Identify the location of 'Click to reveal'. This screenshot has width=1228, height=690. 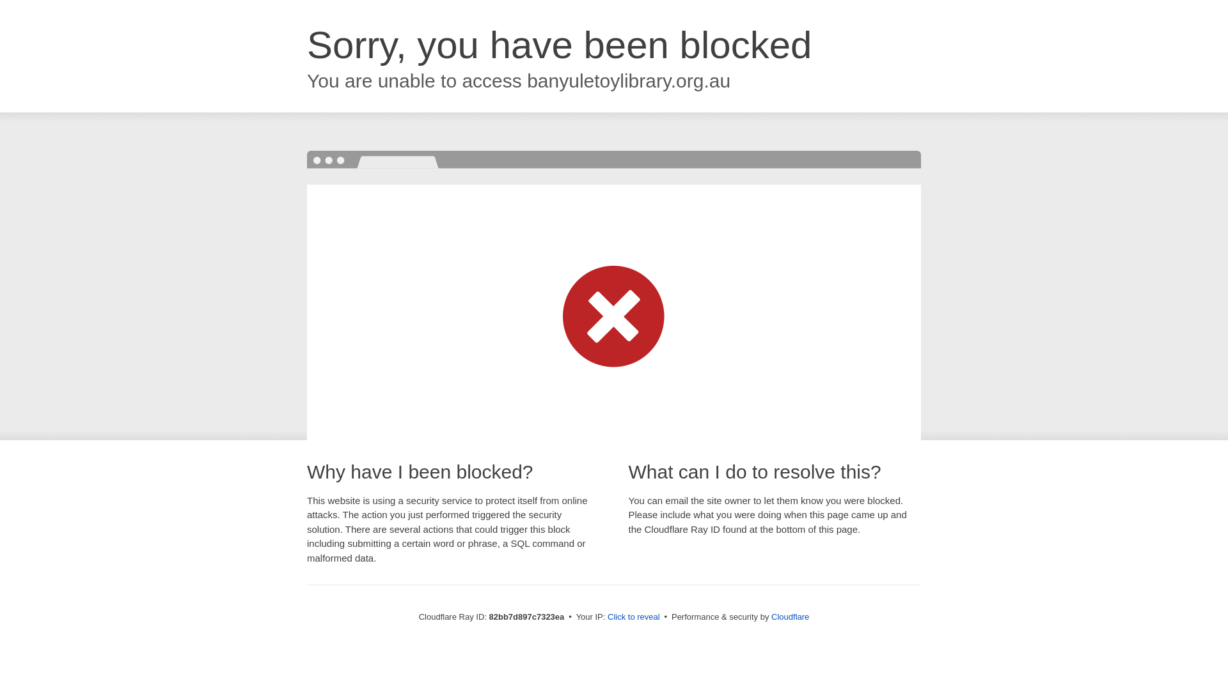
(633, 616).